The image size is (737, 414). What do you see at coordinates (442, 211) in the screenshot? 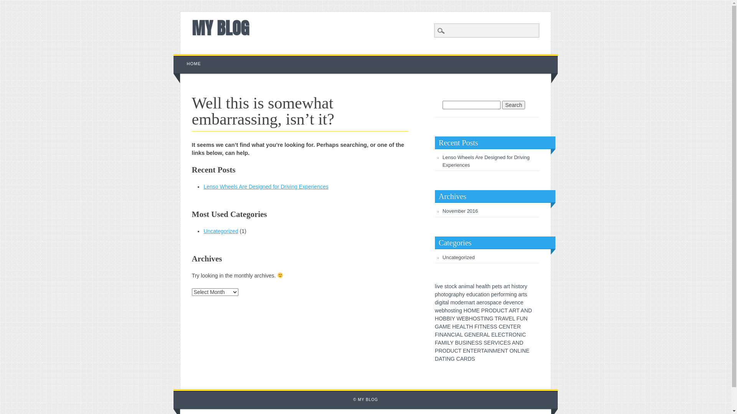
I see `'November 2016'` at bounding box center [442, 211].